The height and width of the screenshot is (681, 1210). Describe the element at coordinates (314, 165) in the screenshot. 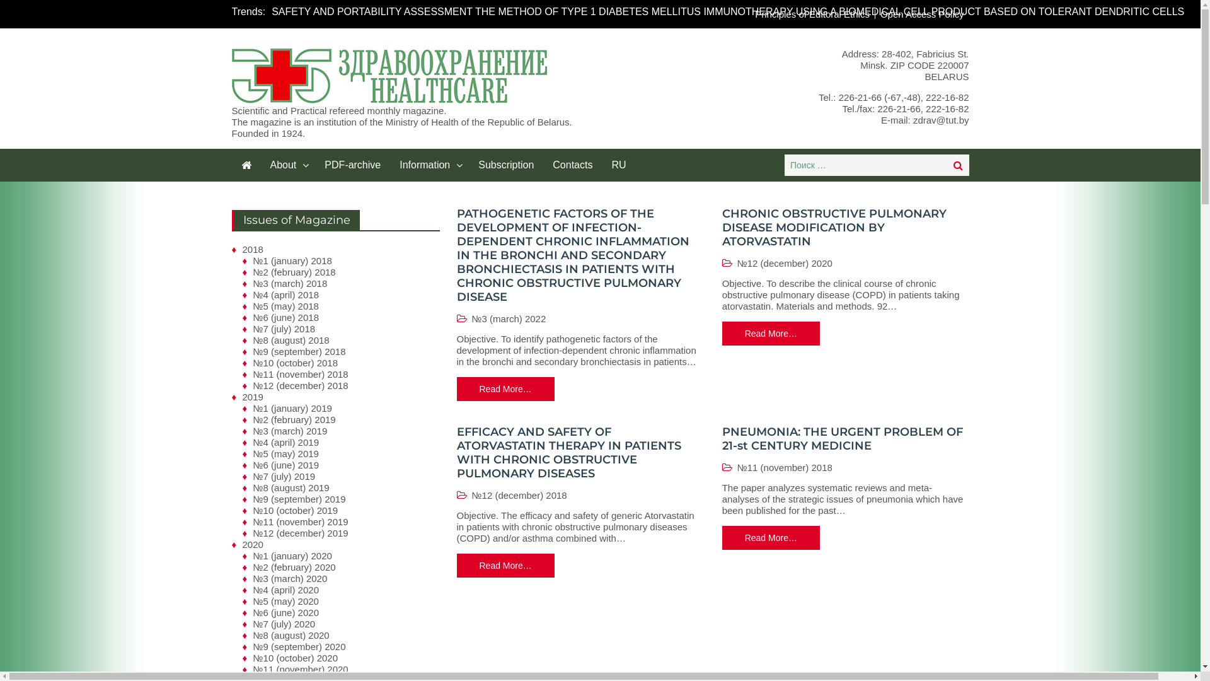

I see `'PDF-archive'` at that location.